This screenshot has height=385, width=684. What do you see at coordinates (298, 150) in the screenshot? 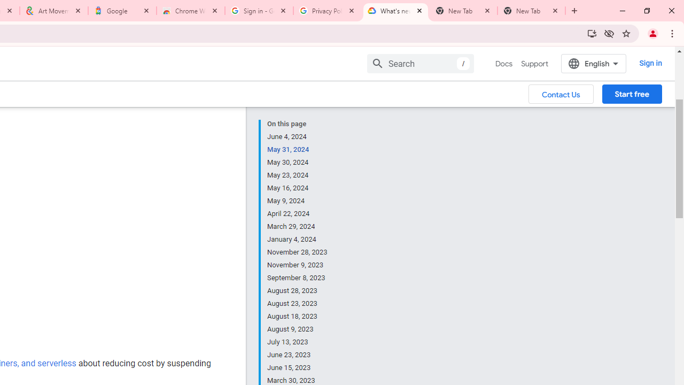
I see `'May 31, 2024'` at bounding box center [298, 150].